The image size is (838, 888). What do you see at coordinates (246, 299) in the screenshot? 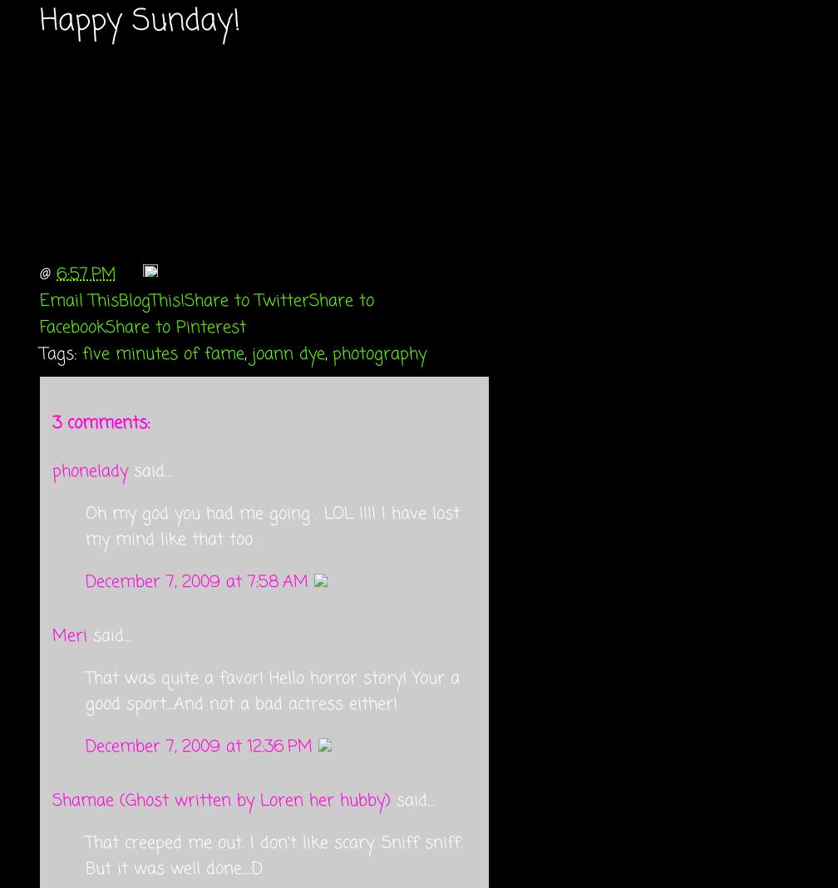
I see `'Share to Twitter'` at bounding box center [246, 299].